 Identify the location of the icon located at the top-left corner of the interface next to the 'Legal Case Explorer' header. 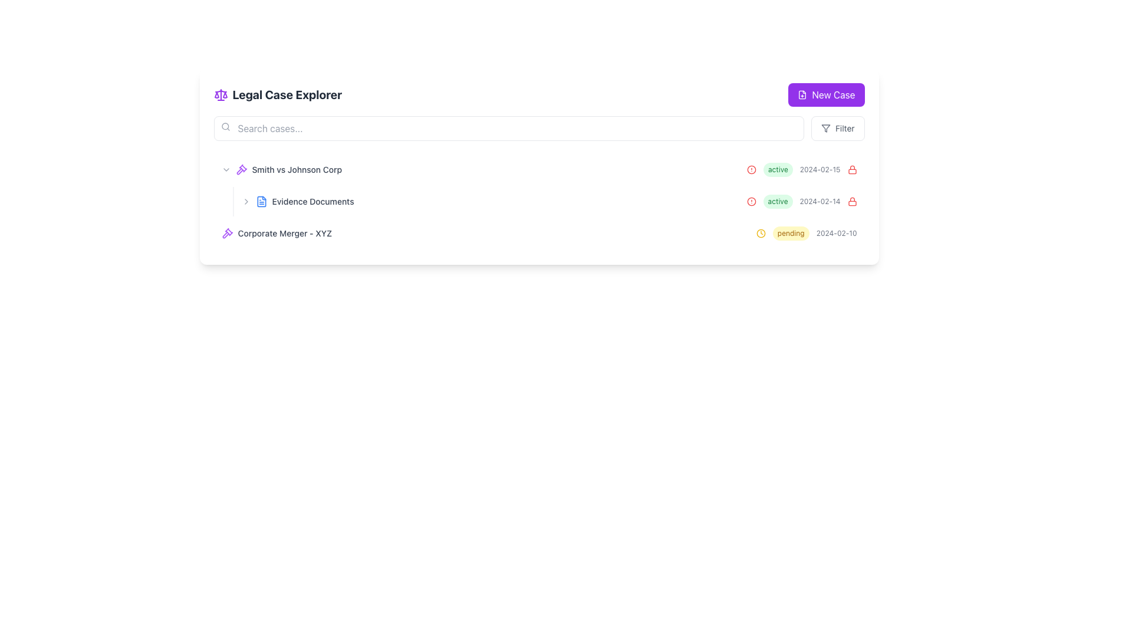
(221, 94).